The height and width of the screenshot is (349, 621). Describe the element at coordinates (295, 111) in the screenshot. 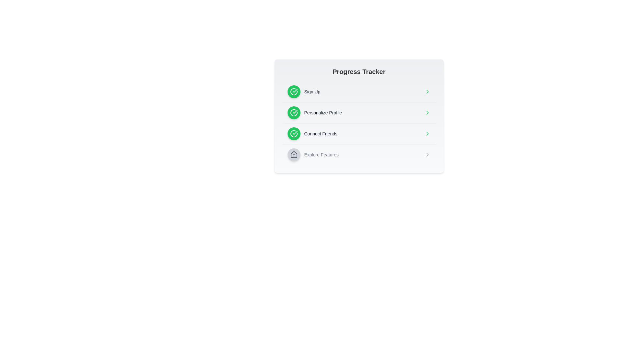

I see `the green checkmark icon inside a circular outline that is part of the progress tracker, located to the left of the 'Sign Up' text label` at that location.